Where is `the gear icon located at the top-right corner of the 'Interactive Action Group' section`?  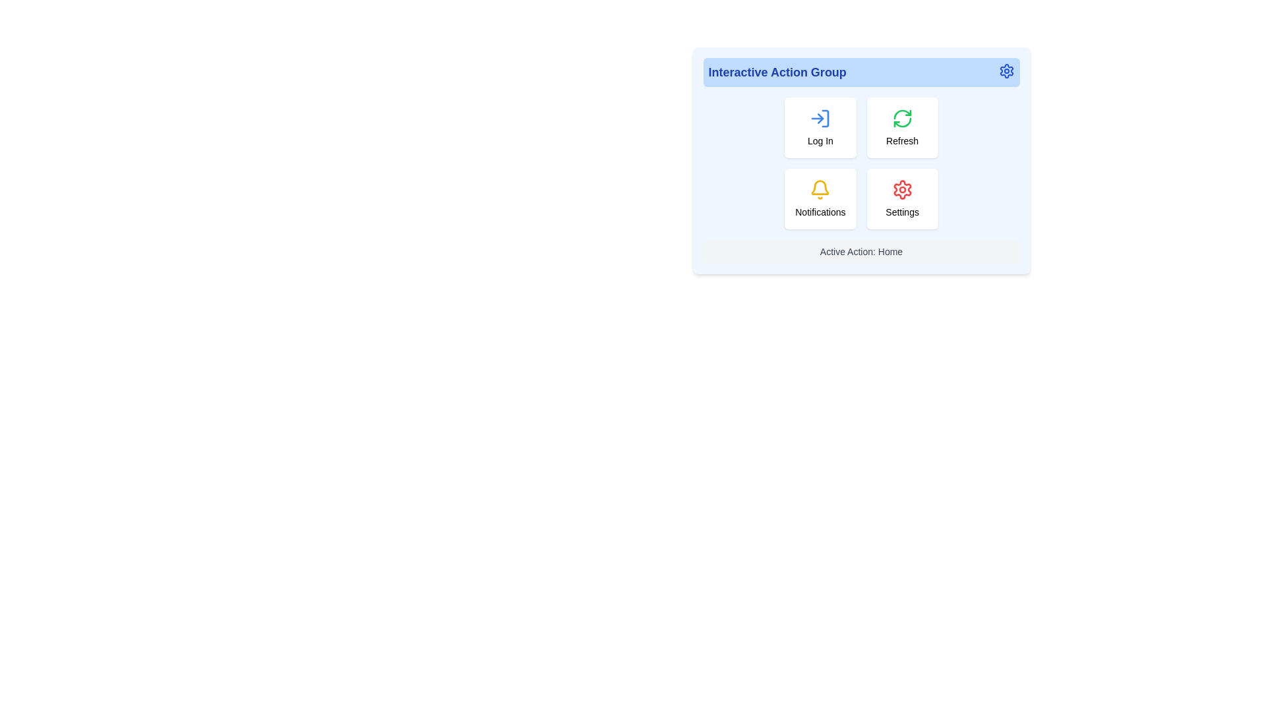
the gear icon located at the top-right corner of the 'Interactive Action Group' section is located at coordinates (1006, 71).